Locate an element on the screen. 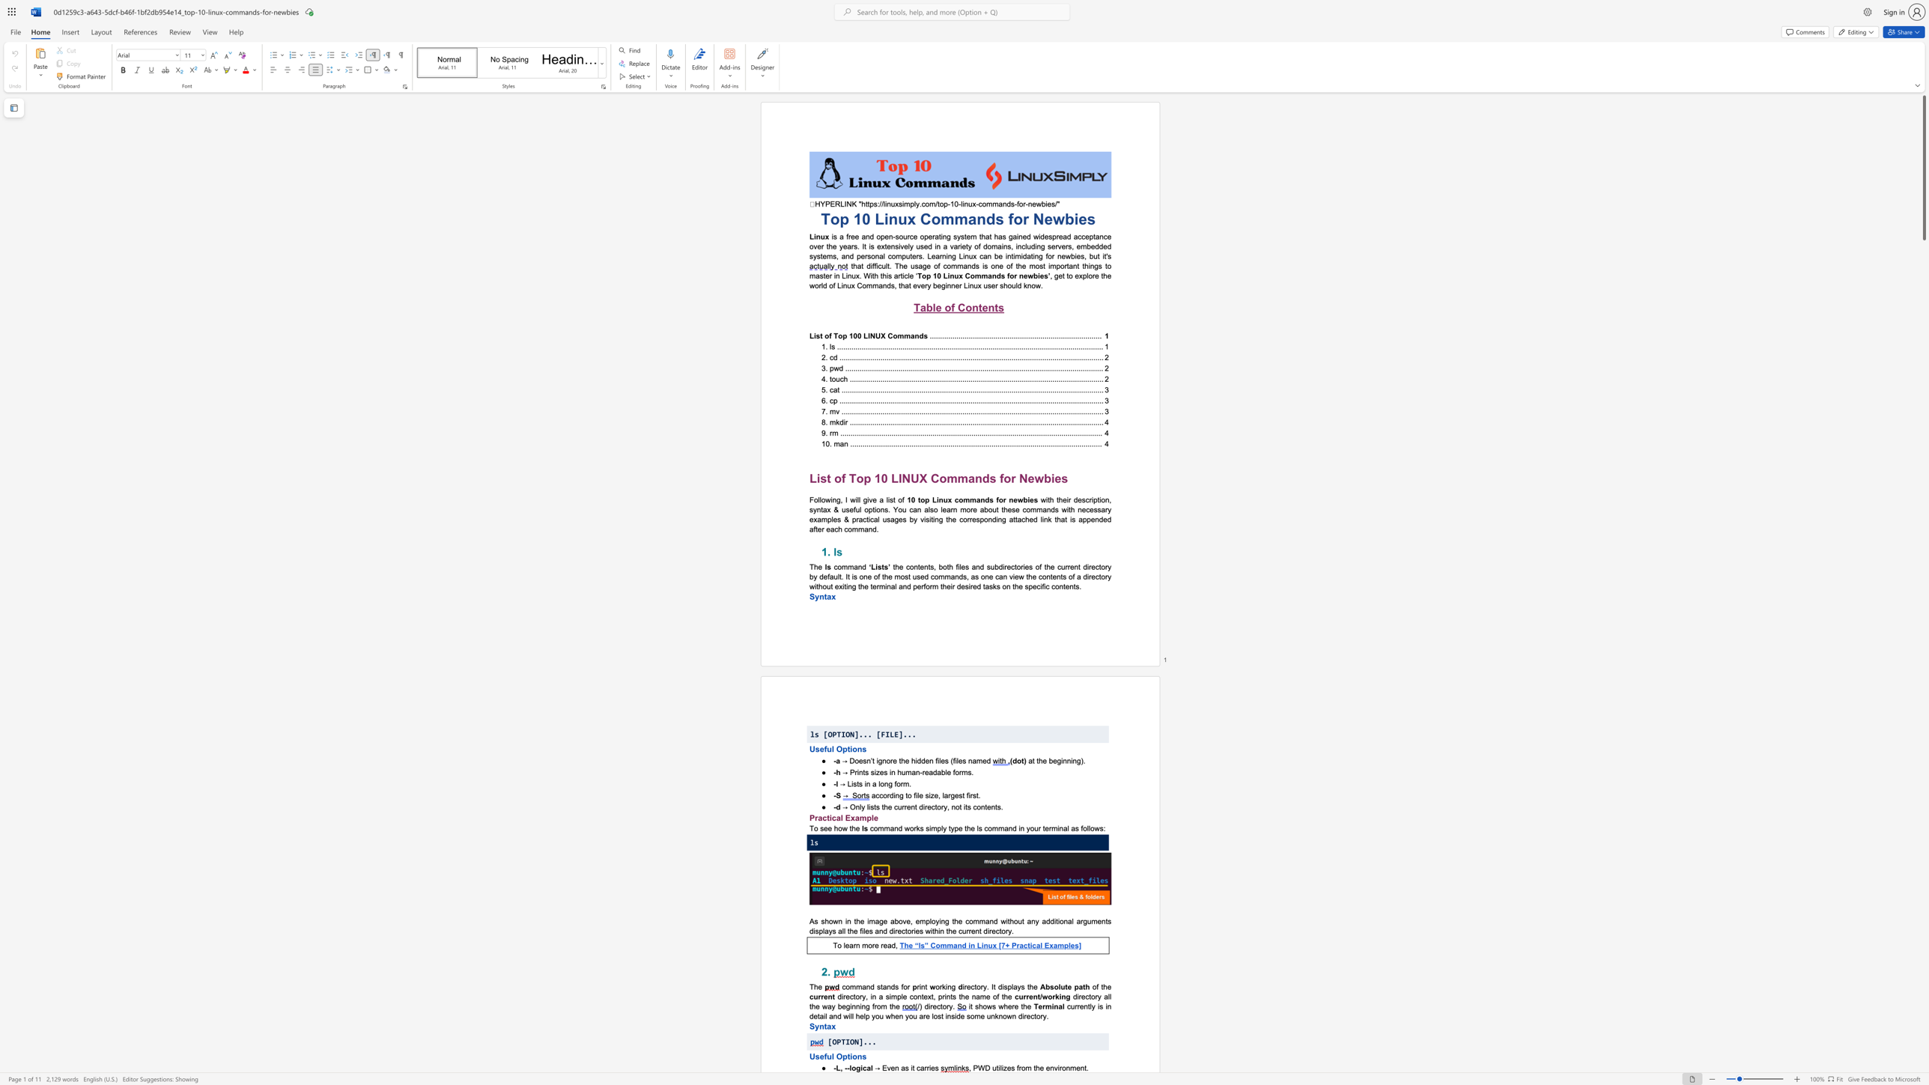 This screenshot has height=1085, width=1929. the 2th character "e" in the text is located at coordinates (1083, 218).